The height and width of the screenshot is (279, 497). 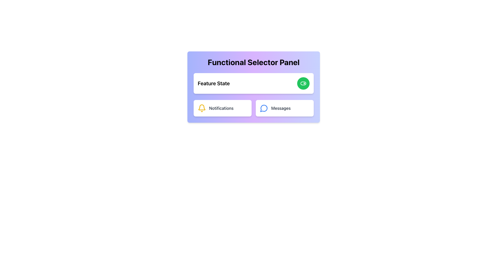 I want to click on the yellow hollow bell icon that serves as a notification indicator, located to the left of the word 'Notifications', so click(x=201, y=108).